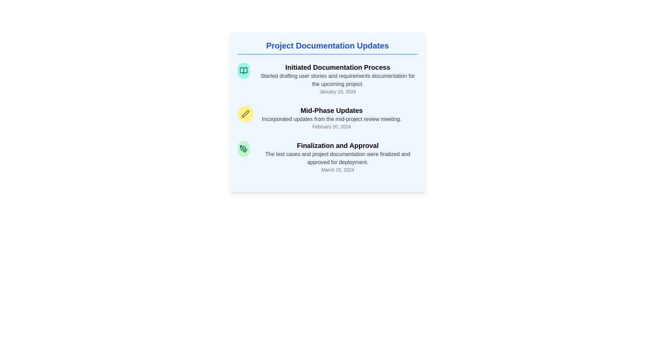 The width and height of the screenshot is (647, 364). Describe the element at coordinates (338, 158) in the screenshot. I see `the descriptive text block that provides information about the completion of test cases and project documentation in the 'Finalization and Approval' section of the timeline` at that location.